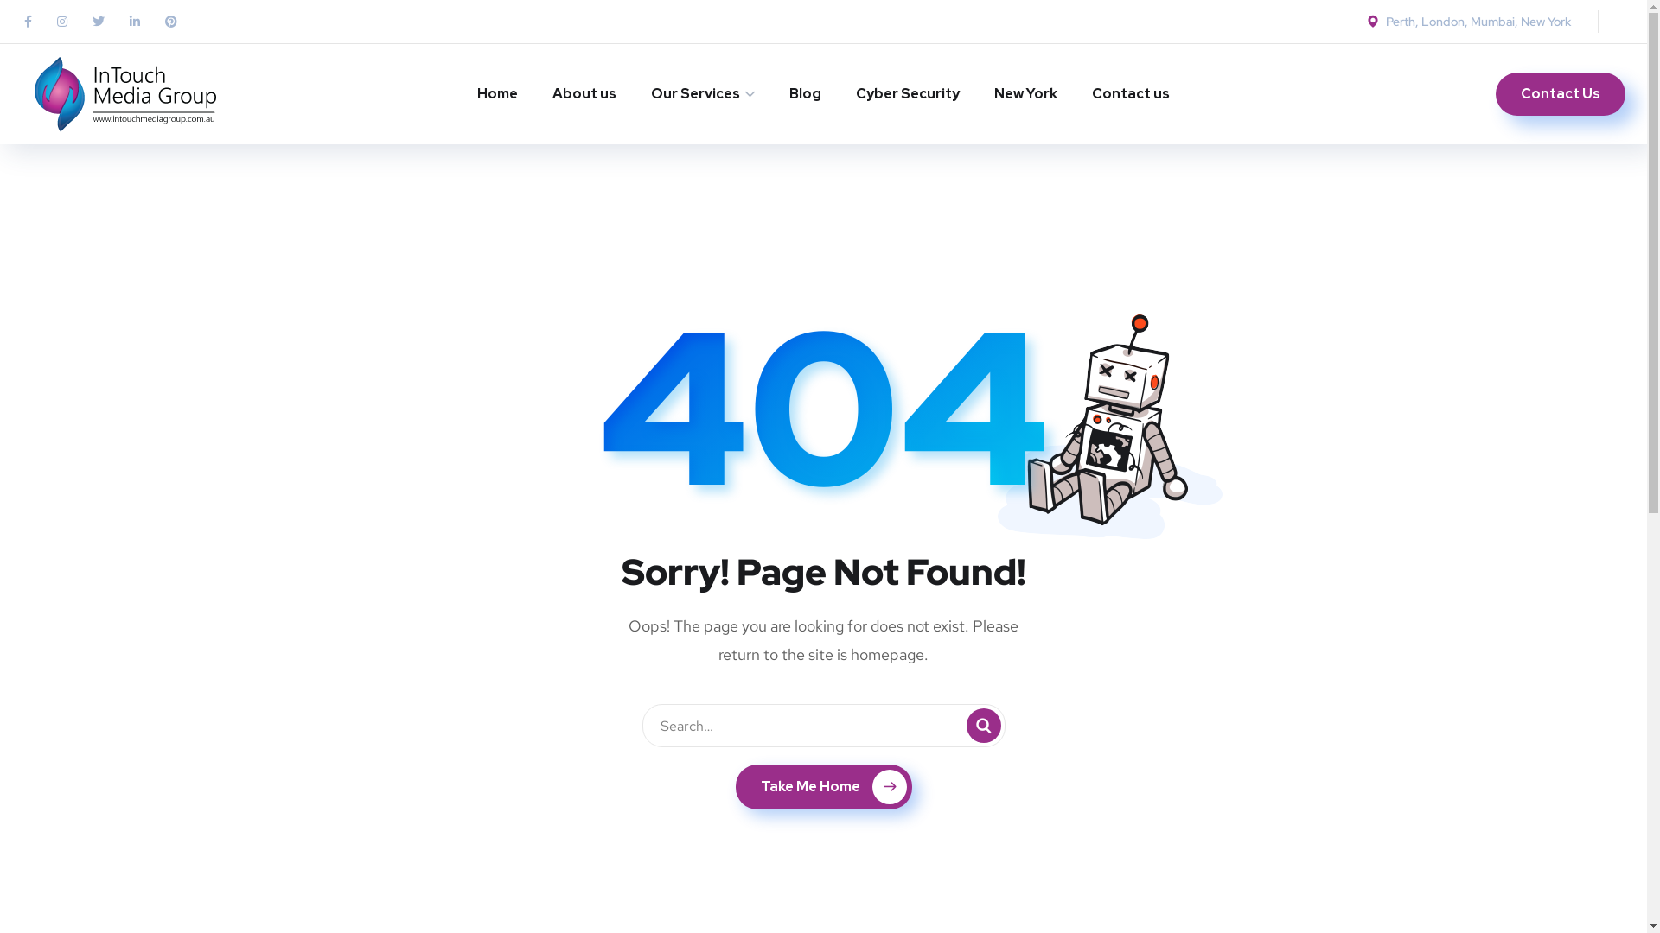 This screenshot has width=1660, height=933. Describe the element at coordinates (1494, 93) in the screenshot. I see `'Contact Us'` at that location.